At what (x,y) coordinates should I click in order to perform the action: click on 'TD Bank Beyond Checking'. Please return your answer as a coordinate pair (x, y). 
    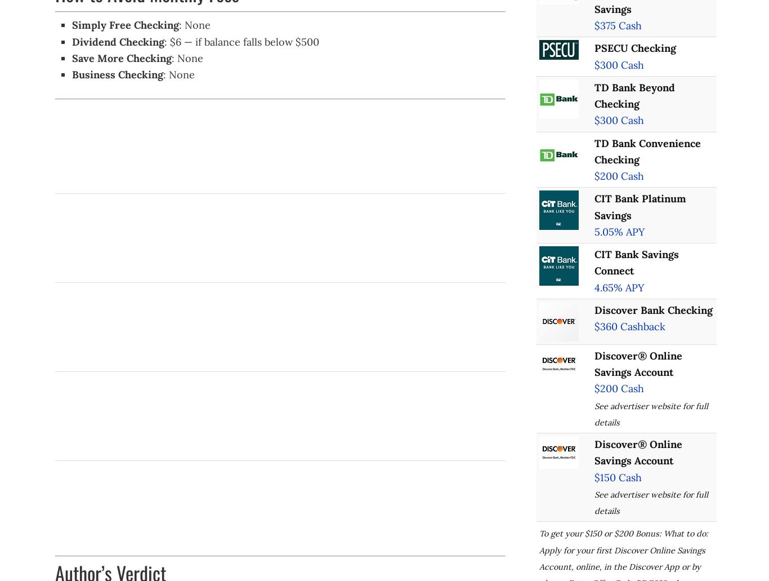
    Looking at the image, I should click on (633, 95).